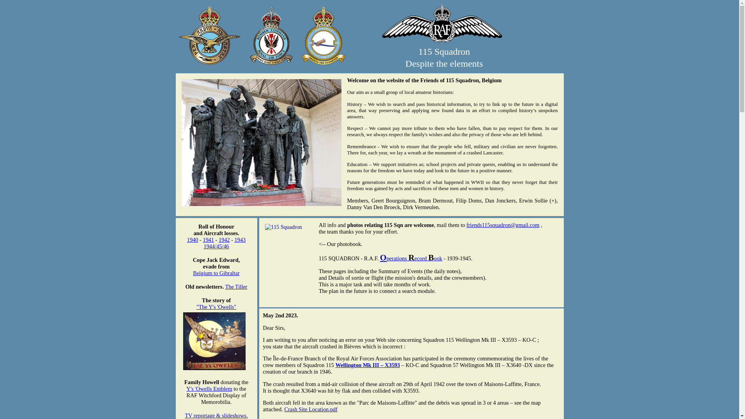 This screenshot has height=419, width=745. Describe the element at coordinates (236, 287) in the screenshot. I see `'The Tiller'` at that location.